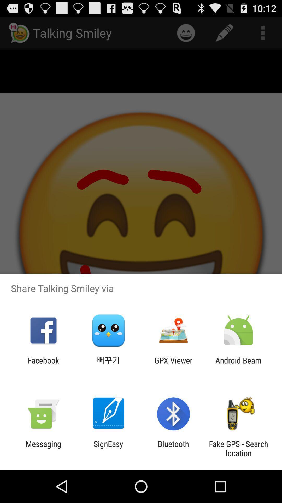  What do you see at coordinates (43, 448) in the screenshot?
I see `the icon next to signeasy app` at bounding box center [43, 448].